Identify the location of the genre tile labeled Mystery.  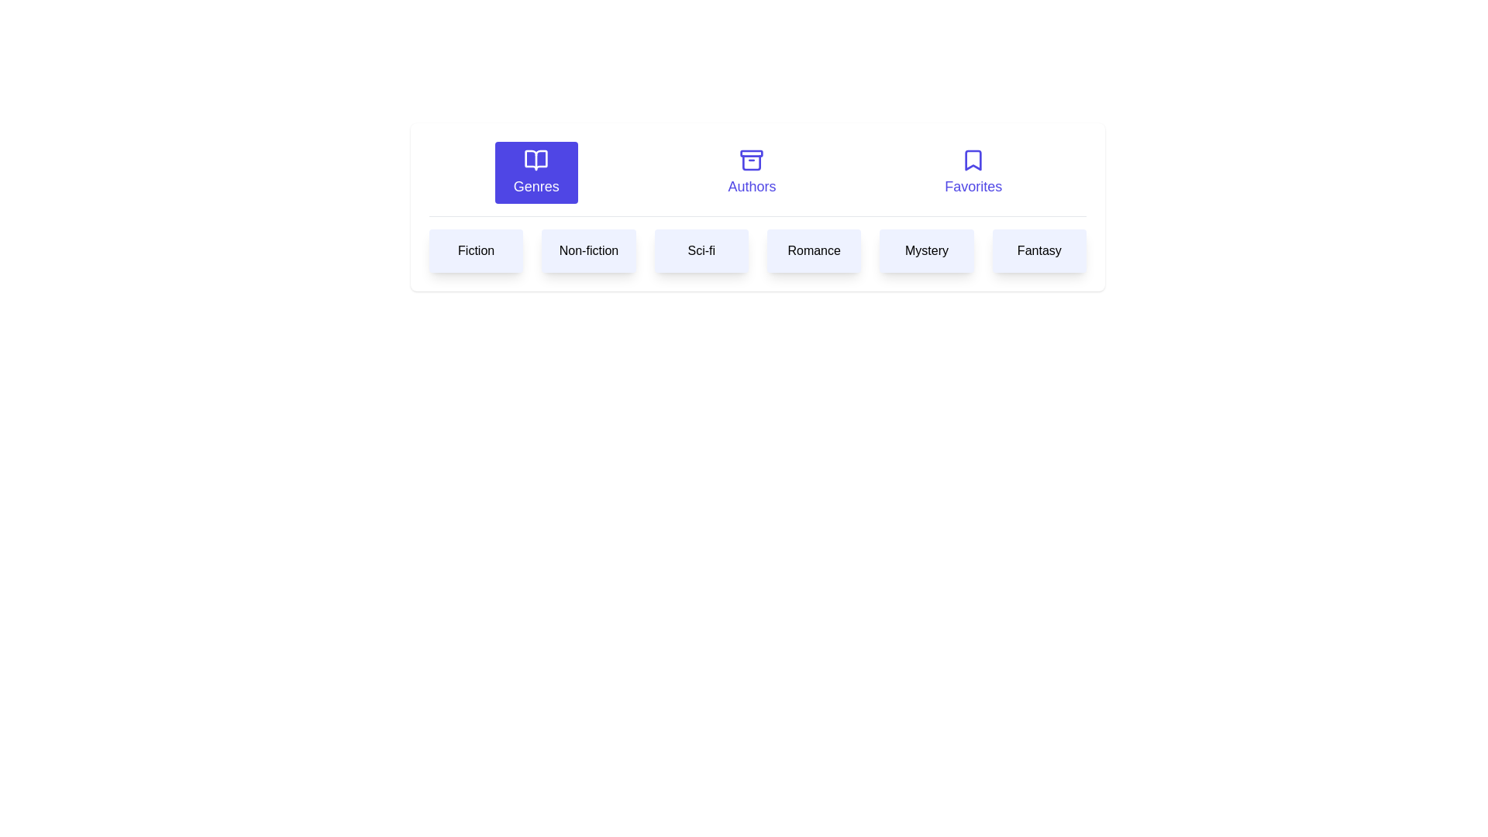
(926, 250).